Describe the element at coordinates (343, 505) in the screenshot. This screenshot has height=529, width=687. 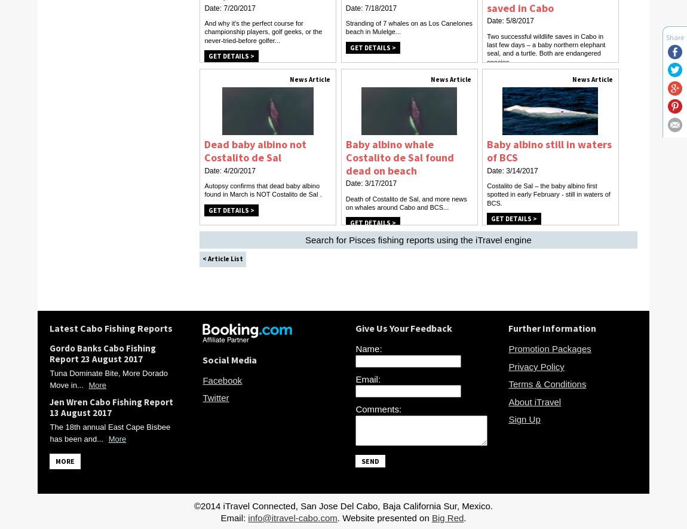
I see `'©2014 iTravel Connected, San Jose Del Cabo, Baja California Sur, Mexico.'` at that location.